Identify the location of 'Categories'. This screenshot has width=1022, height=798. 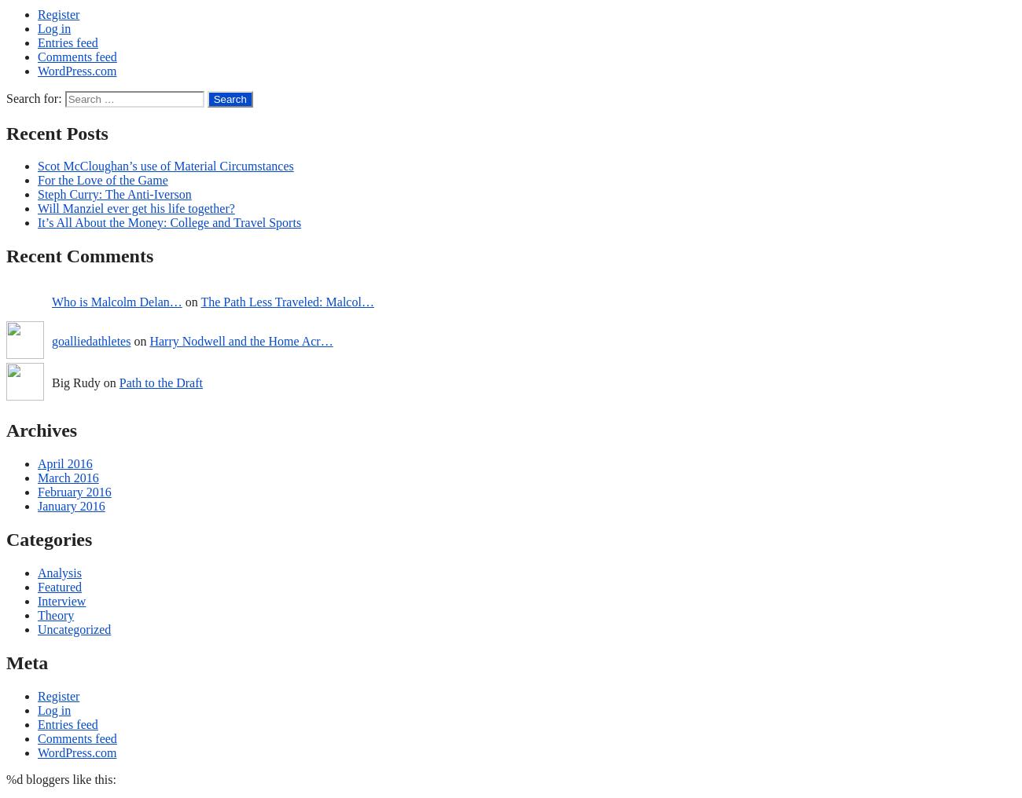
(6, 538).